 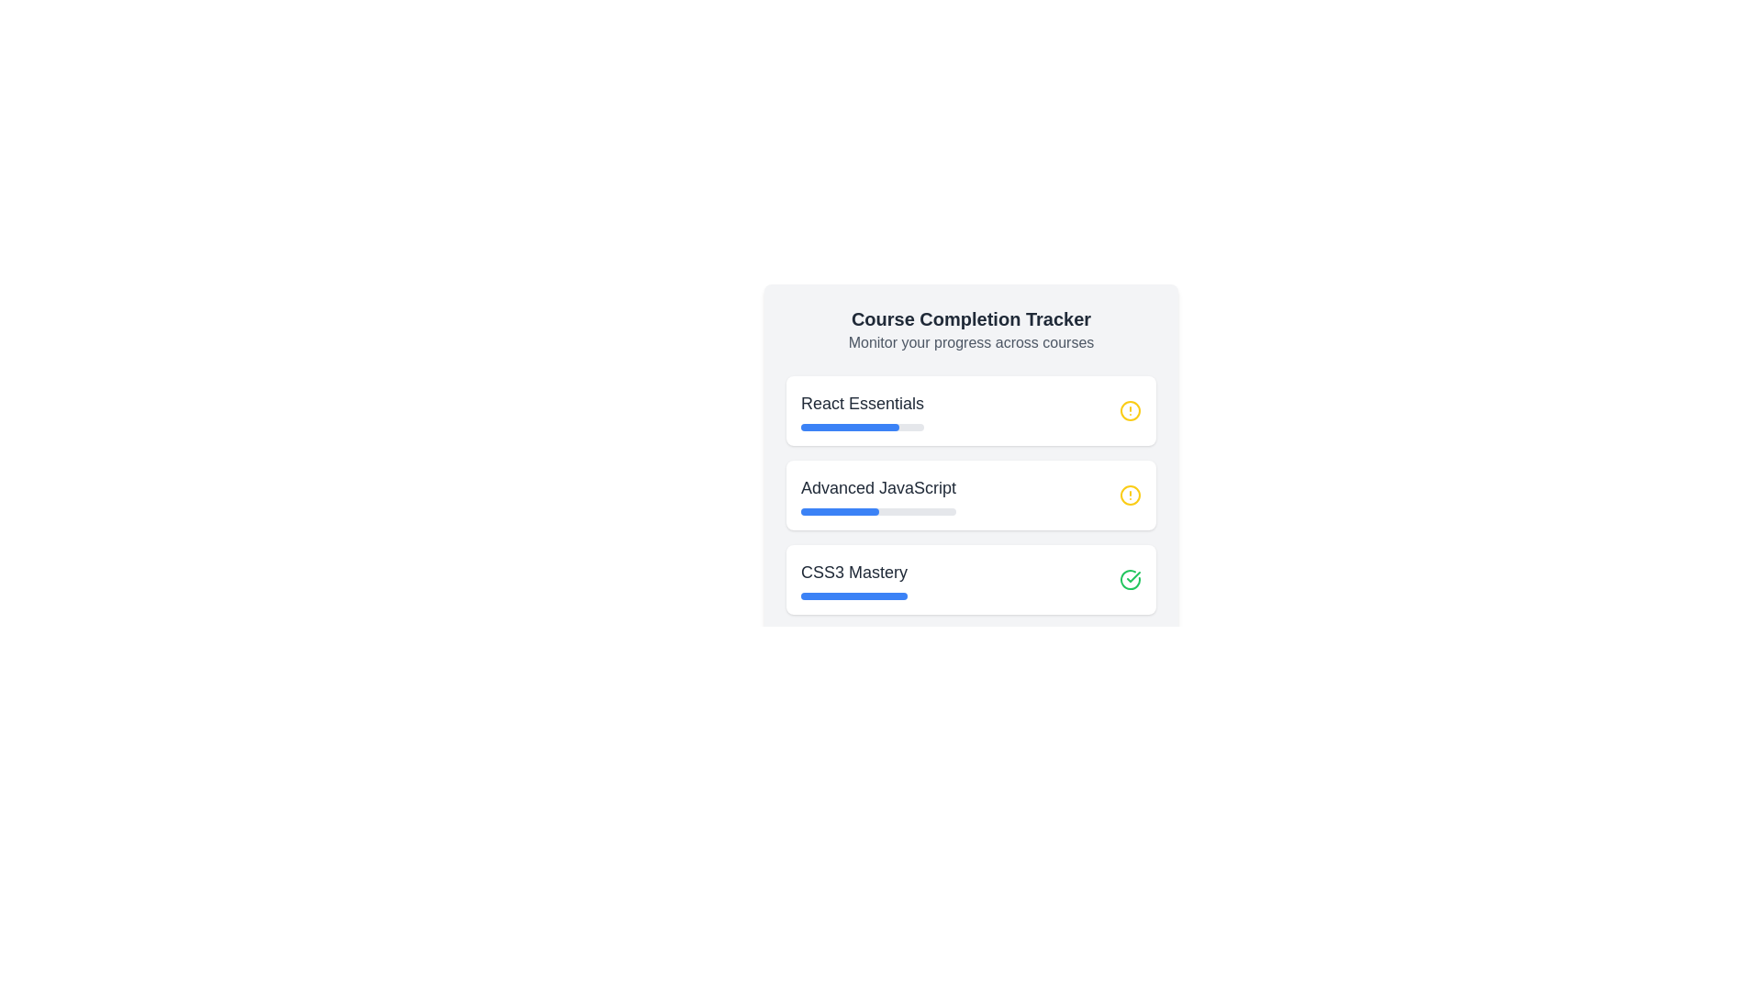 What do you see at coordinates (849, 428) in the screenshot?
I see `the filled portion of the progress bar representing 80% progress below the 'React Essentials' label` at bounding box center [849, 428].